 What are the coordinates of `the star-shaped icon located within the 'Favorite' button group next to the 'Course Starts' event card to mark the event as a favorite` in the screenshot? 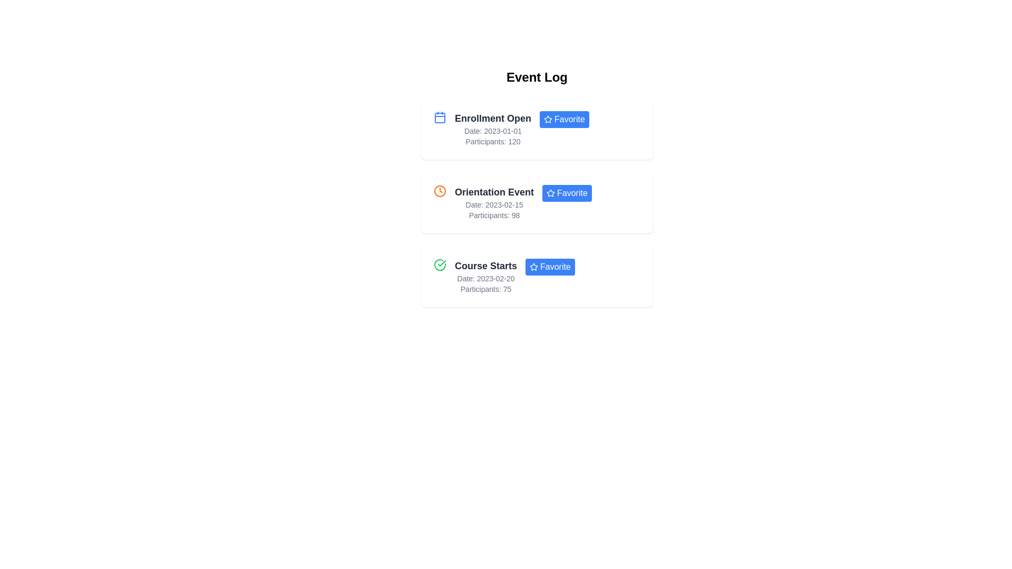 It's located at (533, 266).